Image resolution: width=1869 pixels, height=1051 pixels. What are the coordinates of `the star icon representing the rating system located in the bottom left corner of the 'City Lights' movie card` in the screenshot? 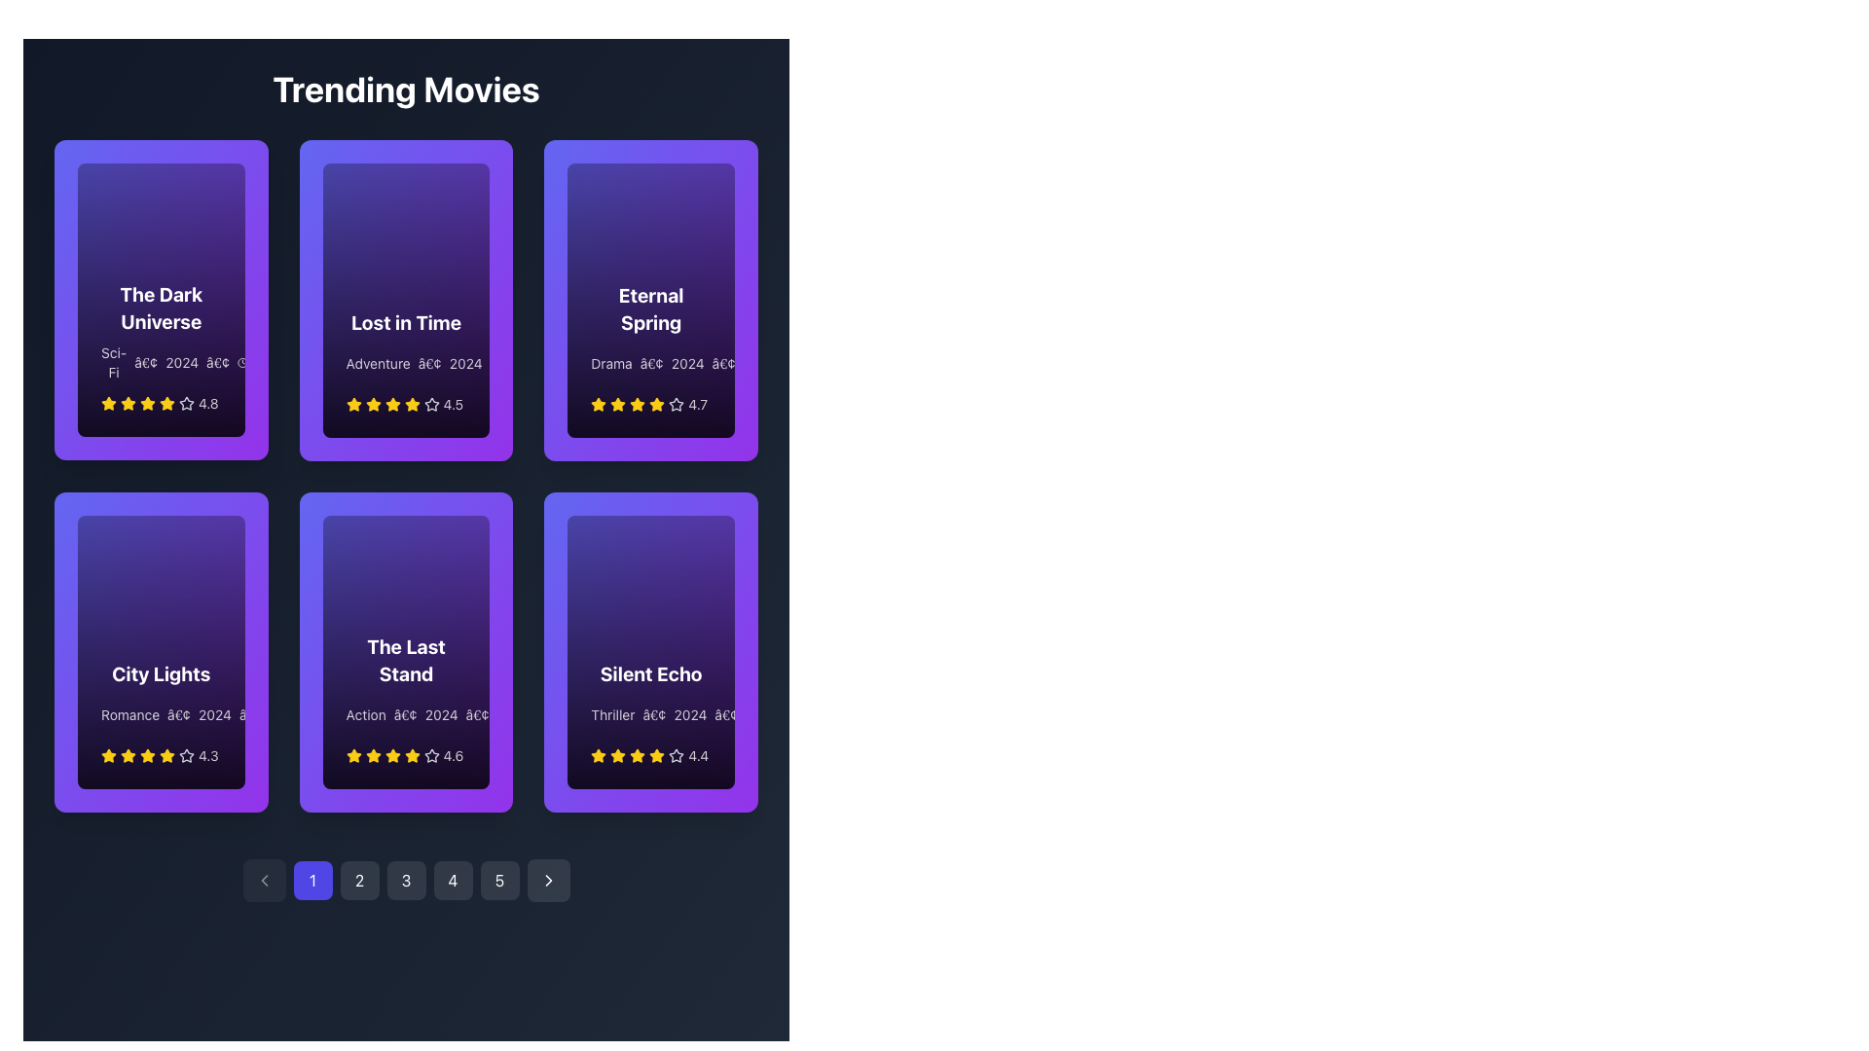 It's located at (107, 754).